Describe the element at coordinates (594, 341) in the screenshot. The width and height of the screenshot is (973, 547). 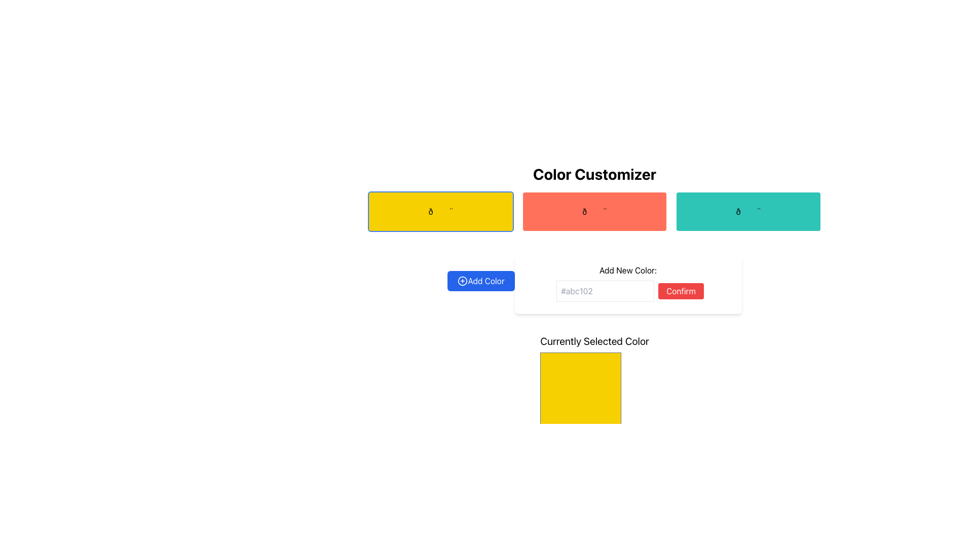
I see `text of the label that reads 'Currently Selected Color', which is prominently displayed above the colored square box` at that location.